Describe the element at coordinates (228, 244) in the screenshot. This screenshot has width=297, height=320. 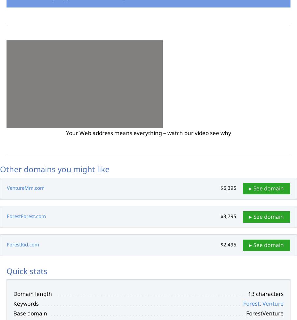
I see `'$2,495'` at that location.